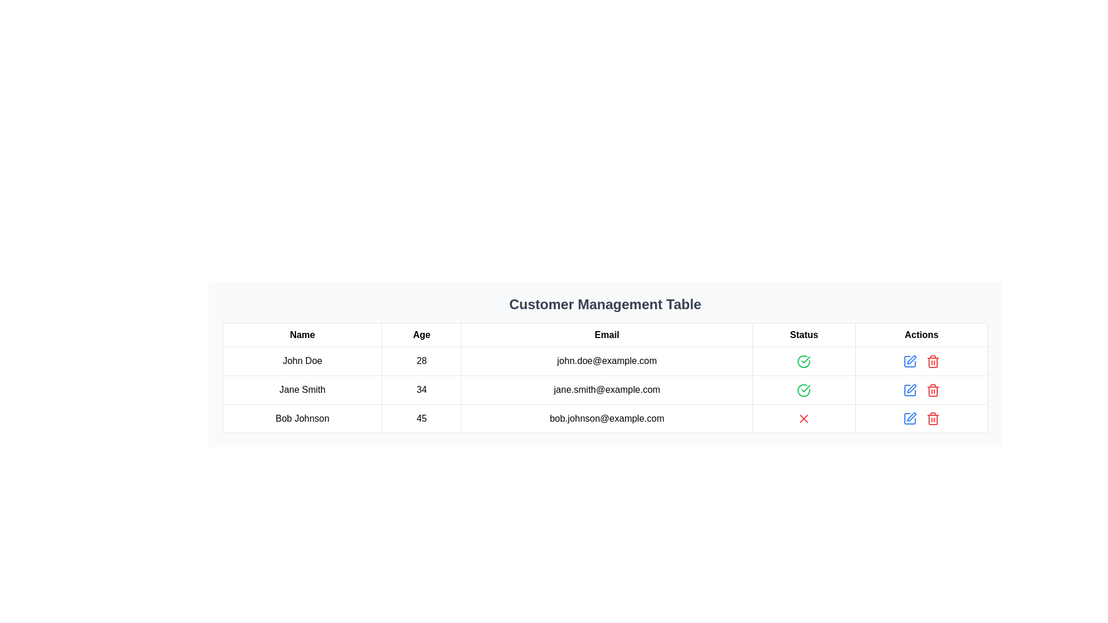 This screenshot has height=623, width=1108. I want to click on the edit icon button, which is the second icon from the left in the 'Actions' column of the last row in the customer management table, so click(911, 416).